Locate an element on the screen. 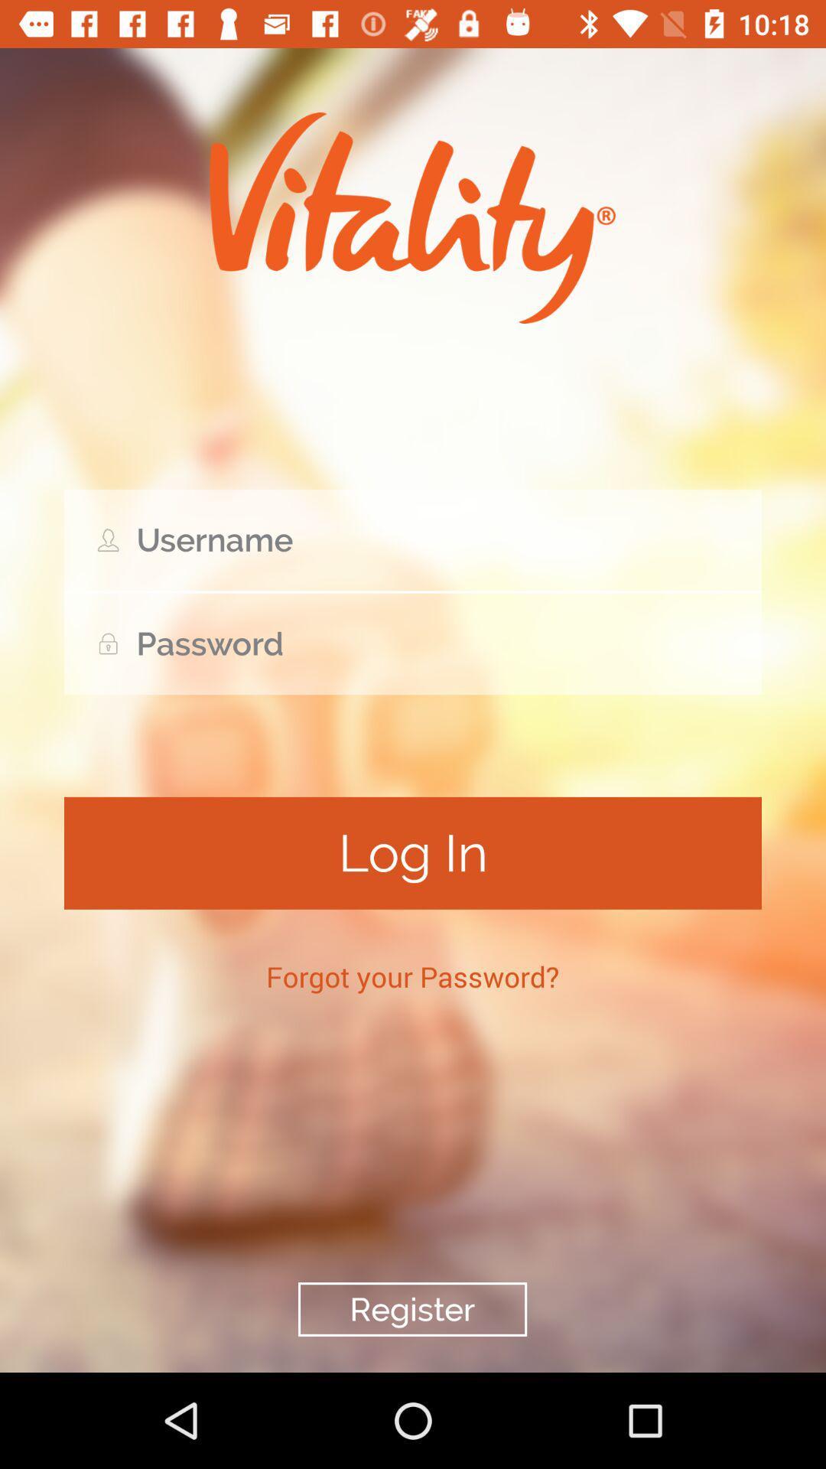 The image size is (826, 1469). item below the log in is located at coordinates (411, 976).